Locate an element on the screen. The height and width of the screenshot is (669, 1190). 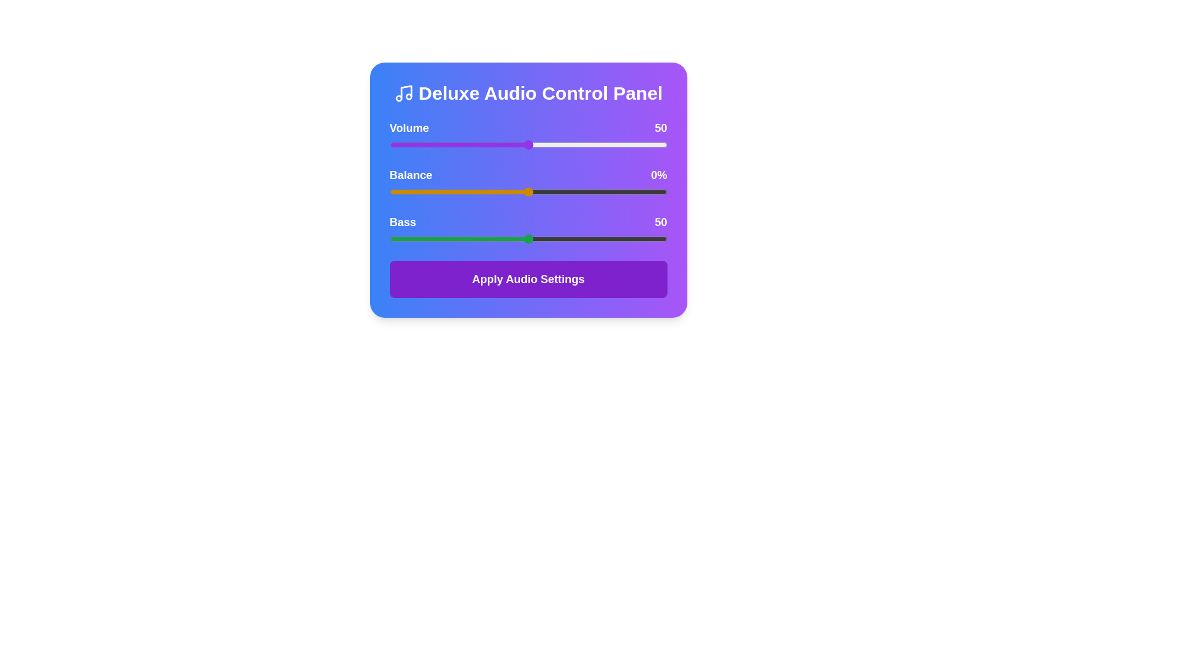
bass level is located at coordinates (458, 238).